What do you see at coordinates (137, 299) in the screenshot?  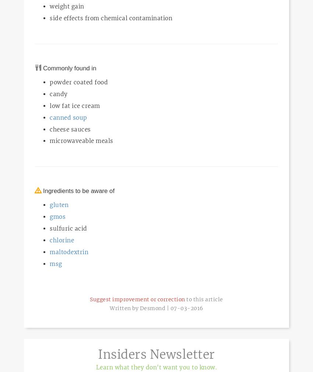 I see `'Suggest improvement or correction'` at bounding box center [137, 299].